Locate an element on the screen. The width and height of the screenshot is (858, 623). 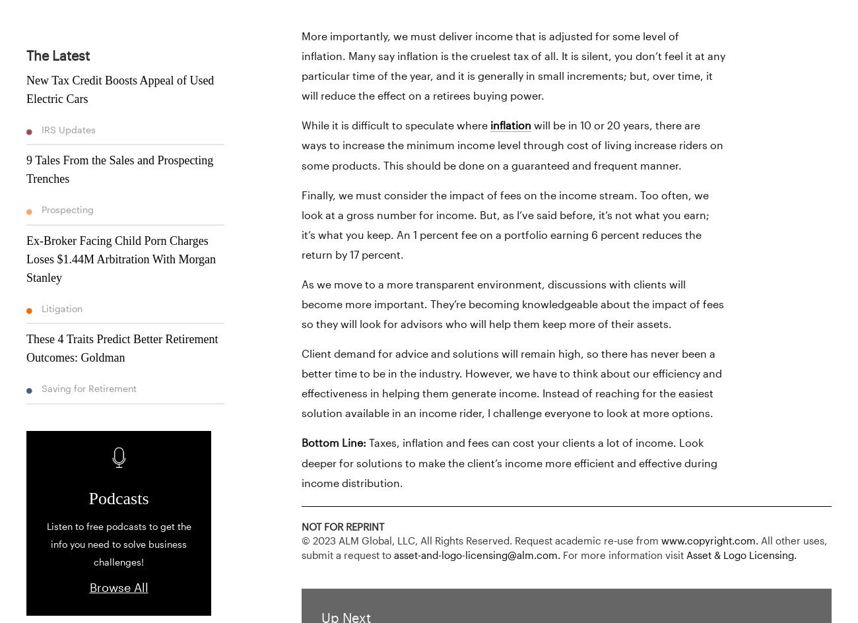
'For more information visit' is located at coordinates (622, 554).